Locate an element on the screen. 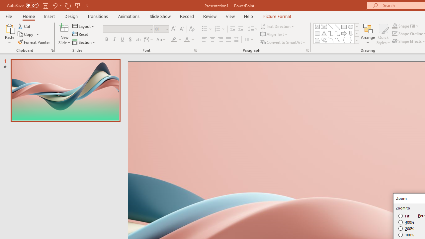  'Arc' is located at coordinates (330, 40).